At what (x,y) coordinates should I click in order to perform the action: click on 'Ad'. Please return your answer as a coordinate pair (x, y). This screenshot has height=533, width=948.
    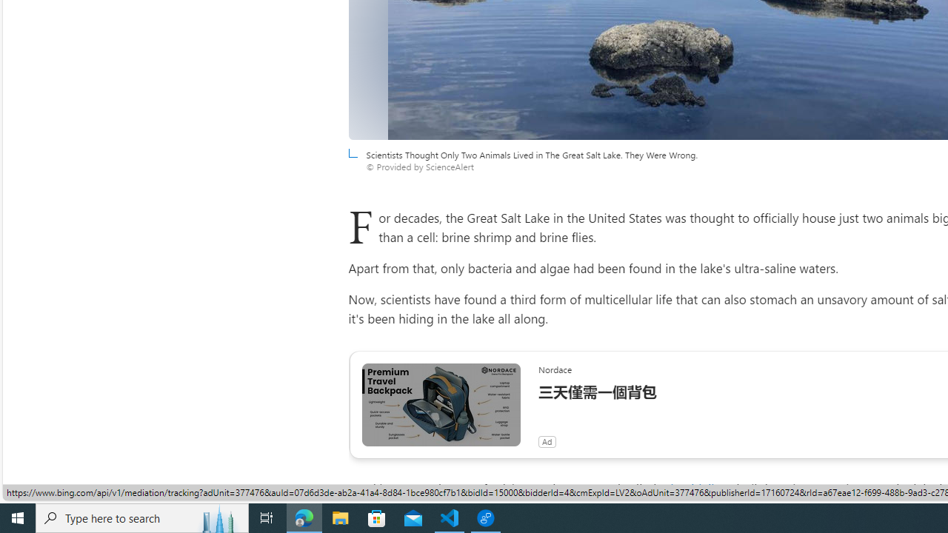
    Looking at the image, I should click on (546, 440).